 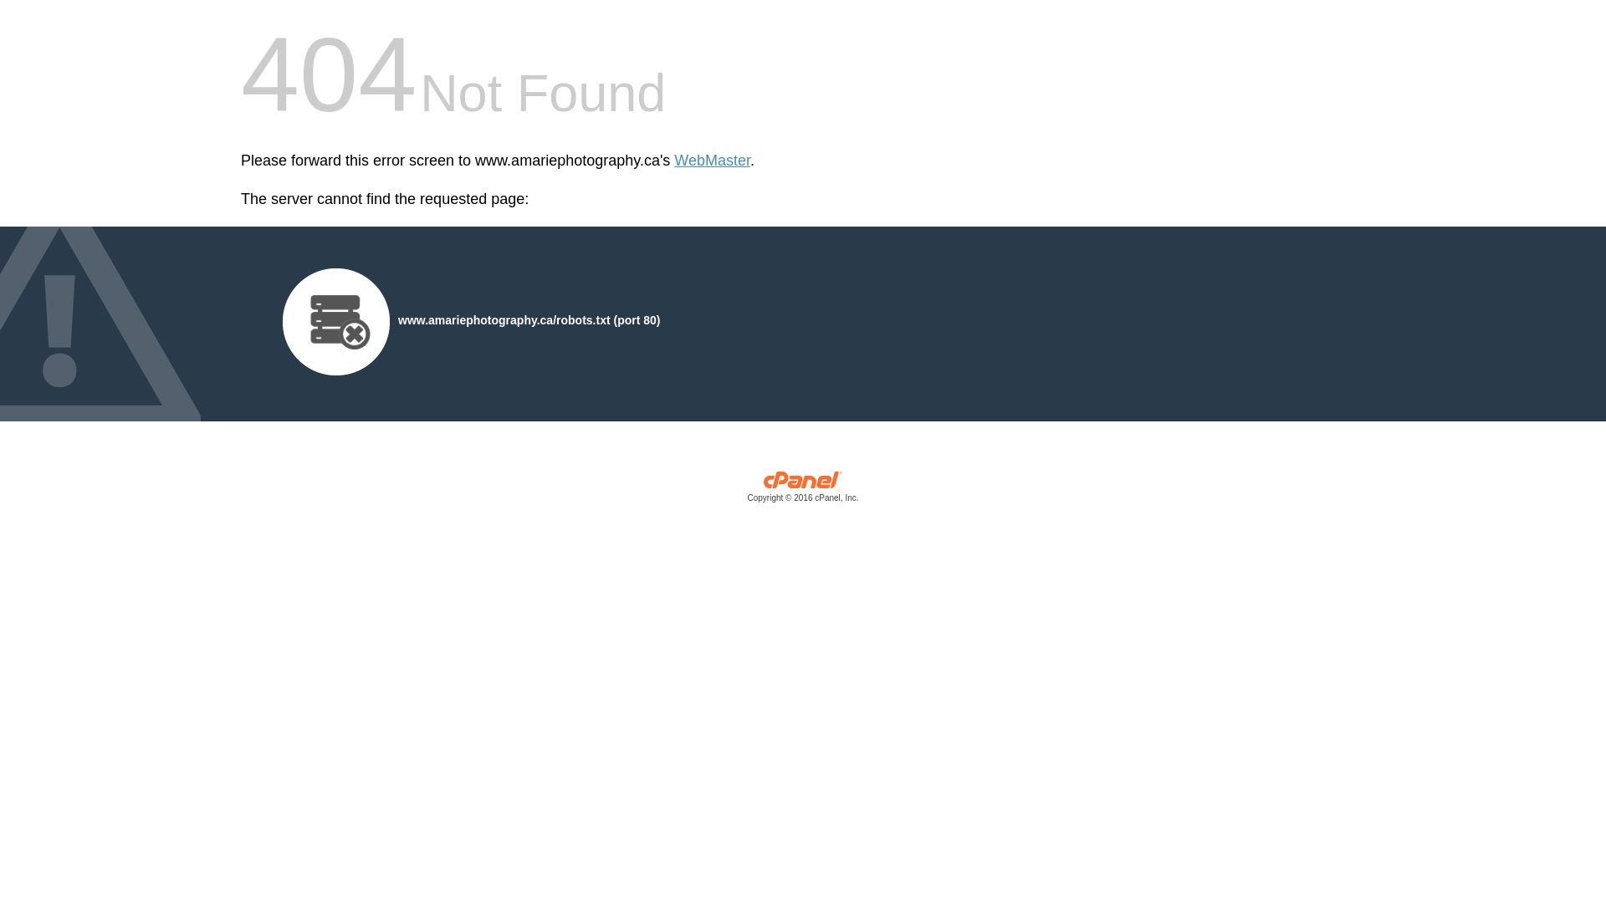 I want to click on 'WebMaster', so click(x=712, y=161).